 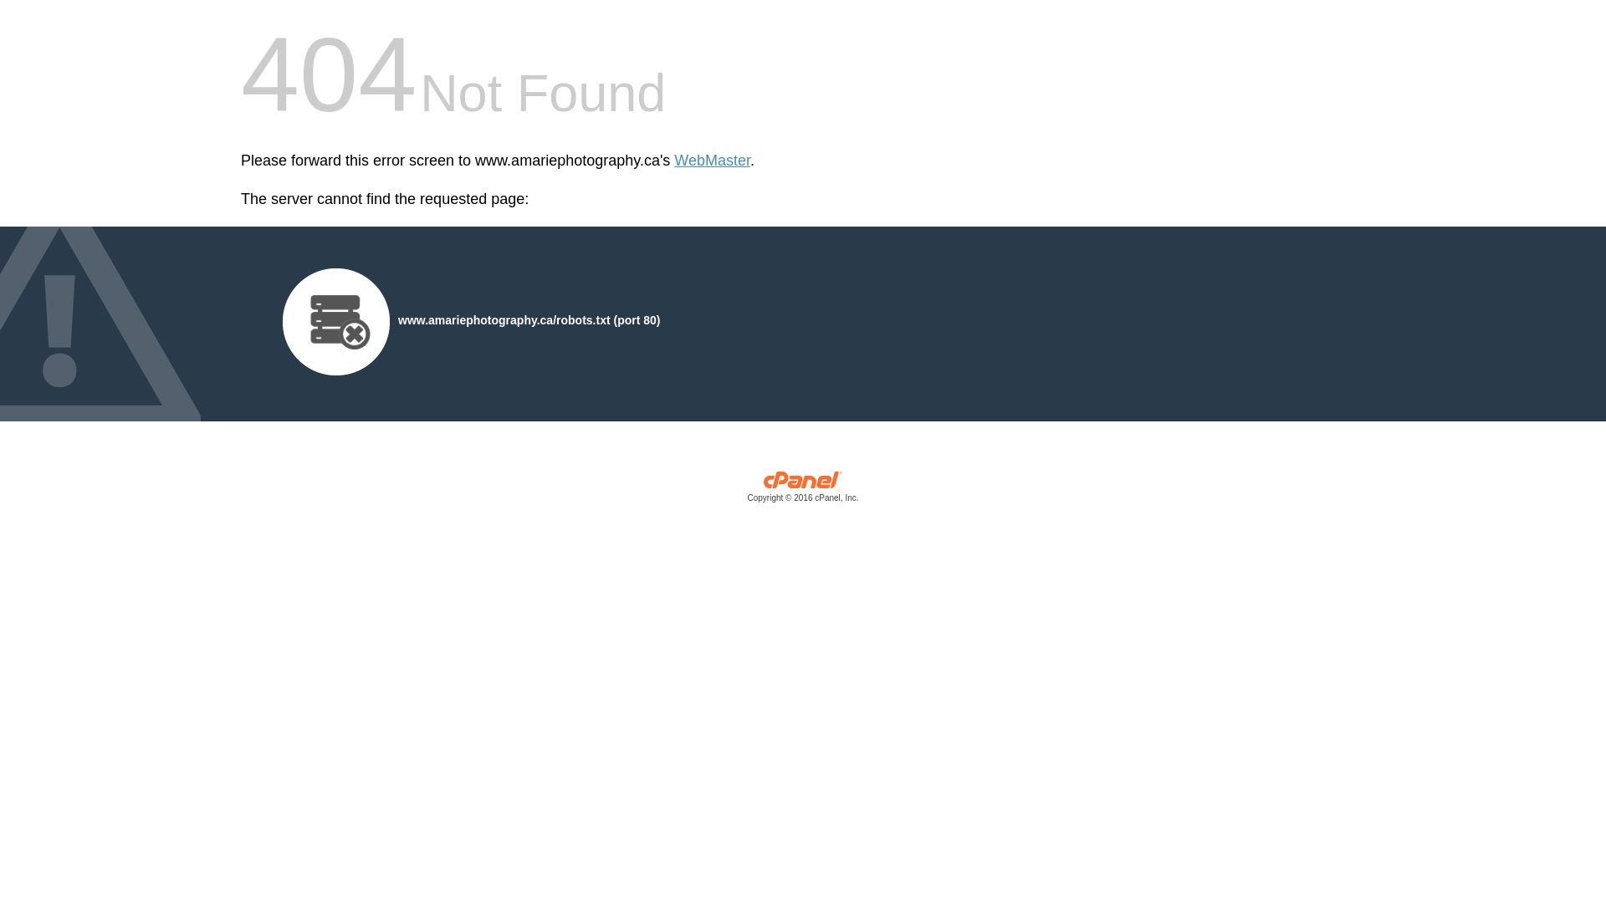 I want to click on 'WebMaster', so click(x=712, y=161).